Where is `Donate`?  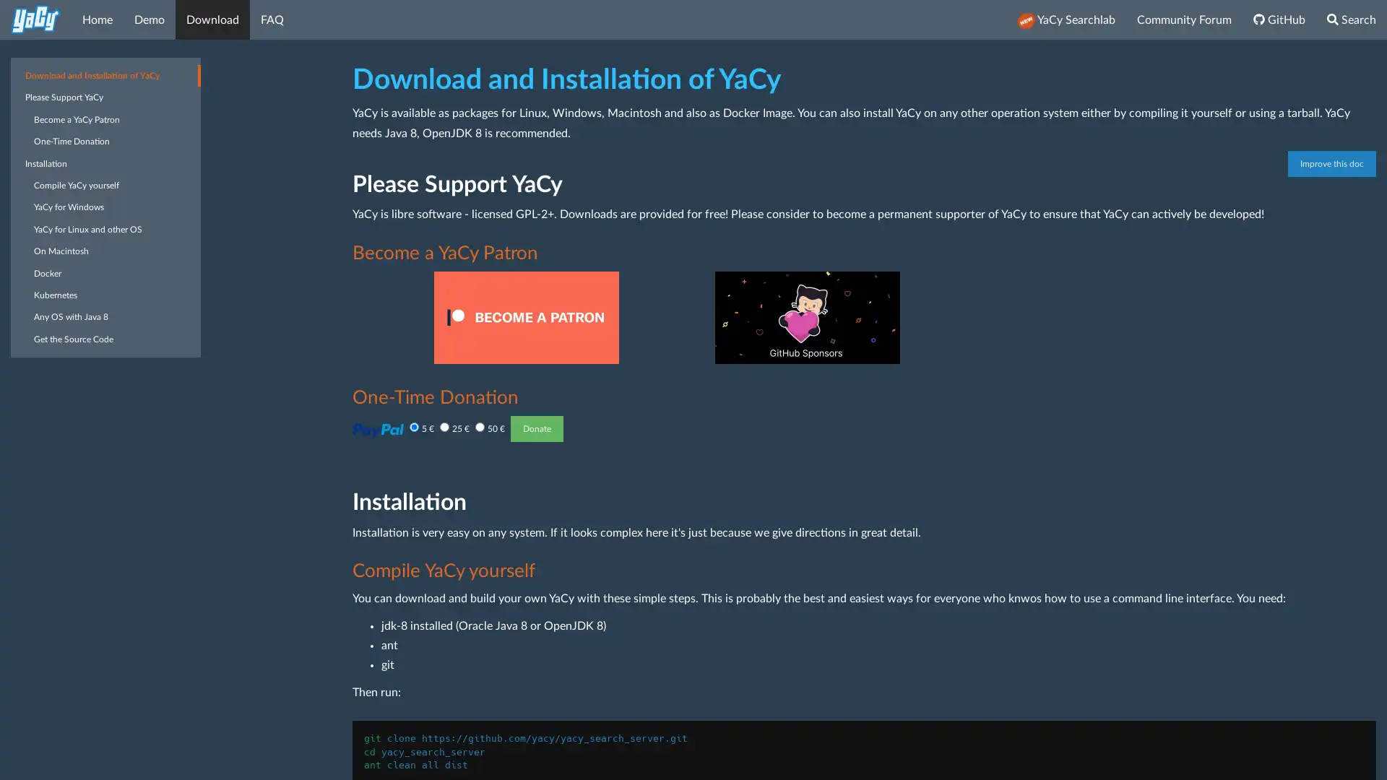 Donate is located at coordinates (535, 428).